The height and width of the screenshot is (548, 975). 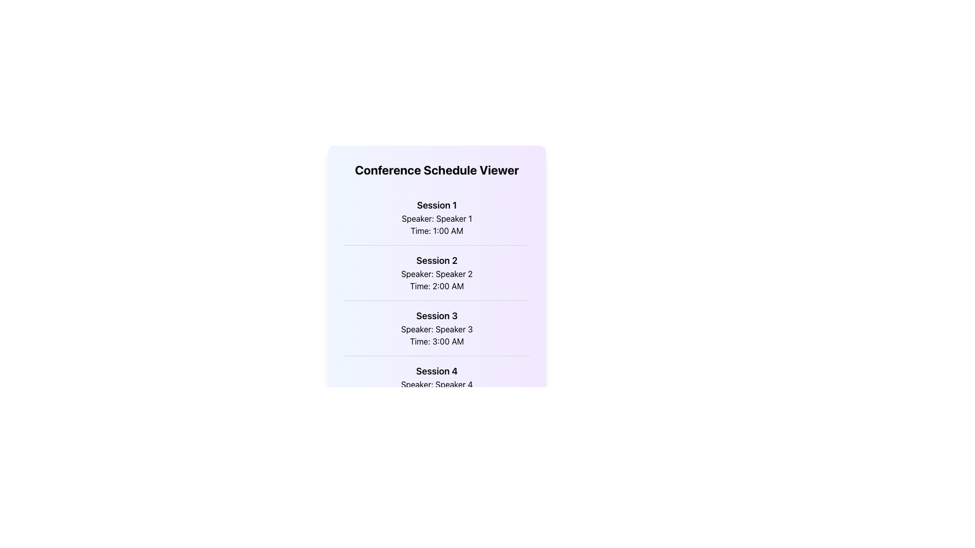 What do you see at coordinates (437, 218) in the screenshot?
I see `the Text Label displaying 'Speaker: Speaker 1', which is centrally positioned below 'Session 1' and above 'Time: 1:00 AM'` at bounding box center [437, 218].